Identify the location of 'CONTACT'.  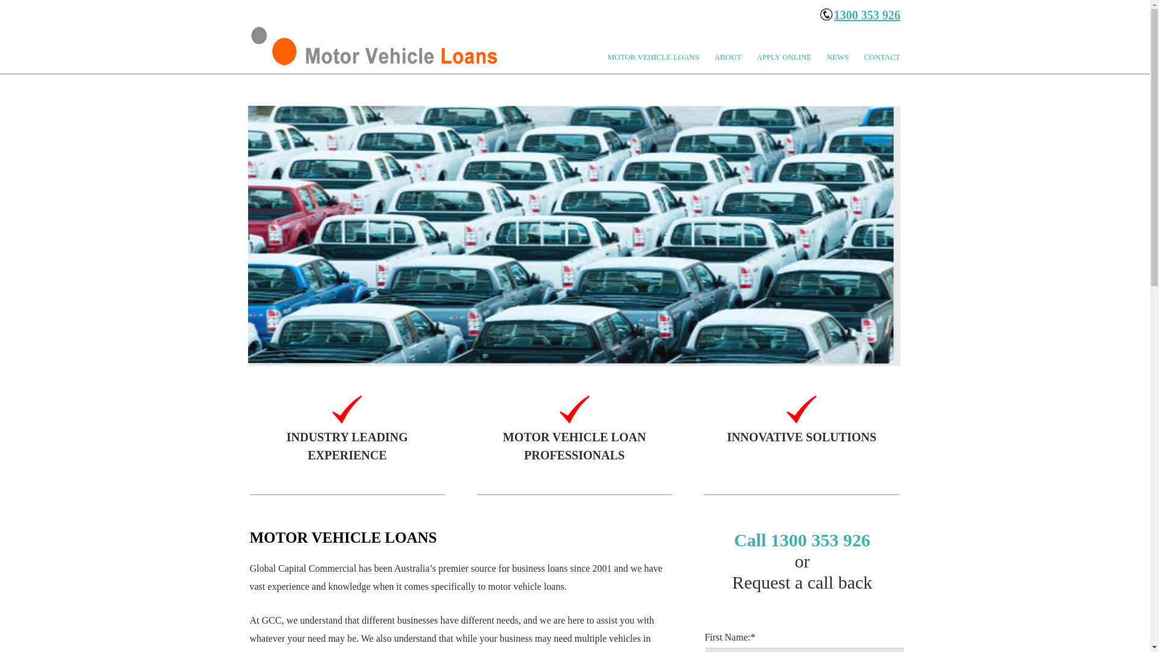
(881, 57).